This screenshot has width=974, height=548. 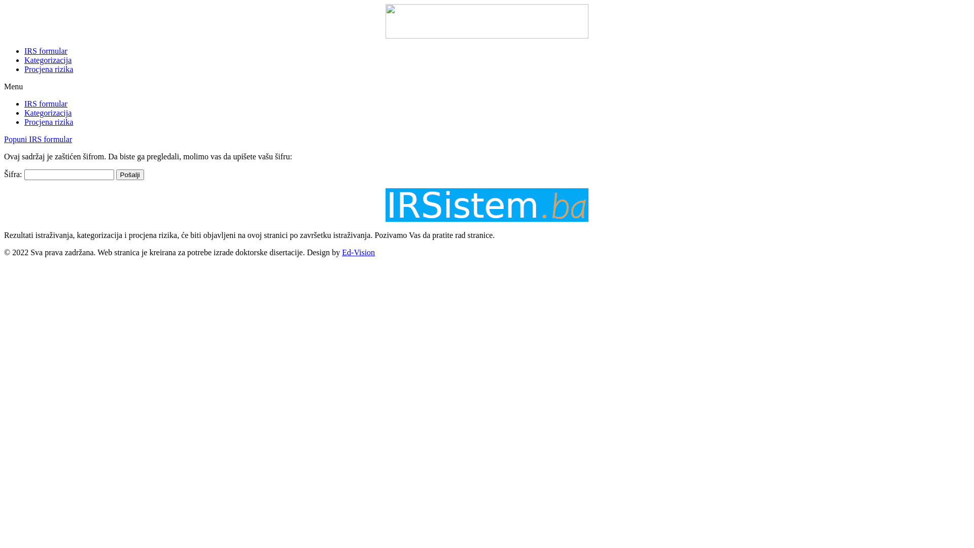 I want to click on 'Ed-Vision', so click(x=358, y=252).